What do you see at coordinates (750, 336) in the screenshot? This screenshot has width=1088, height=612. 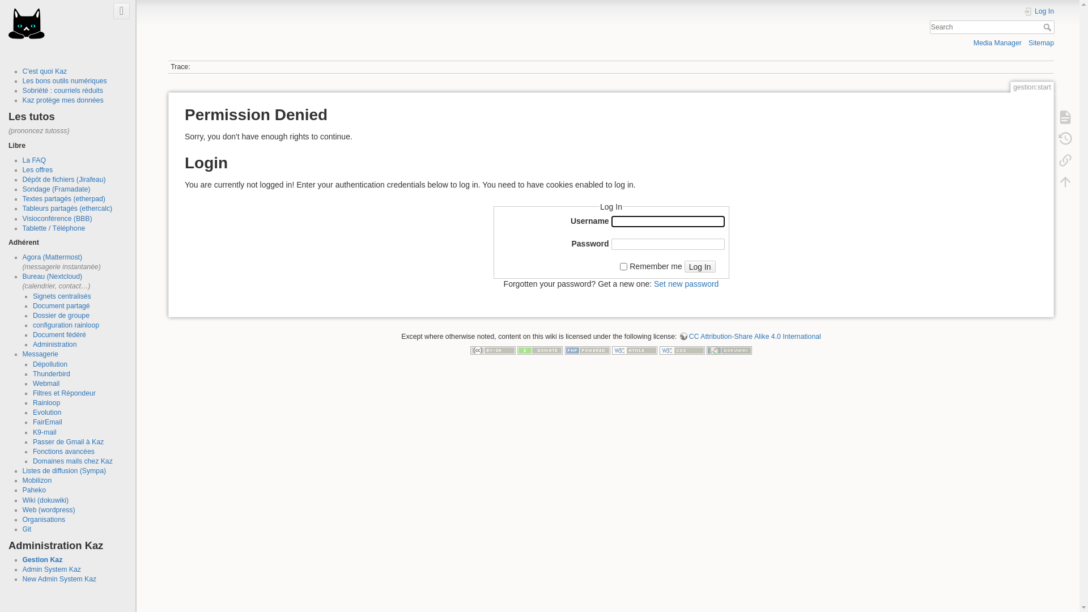 I see `'CC Attribution-Share Alike 4.0 International'` at bounding box center [750, 336].